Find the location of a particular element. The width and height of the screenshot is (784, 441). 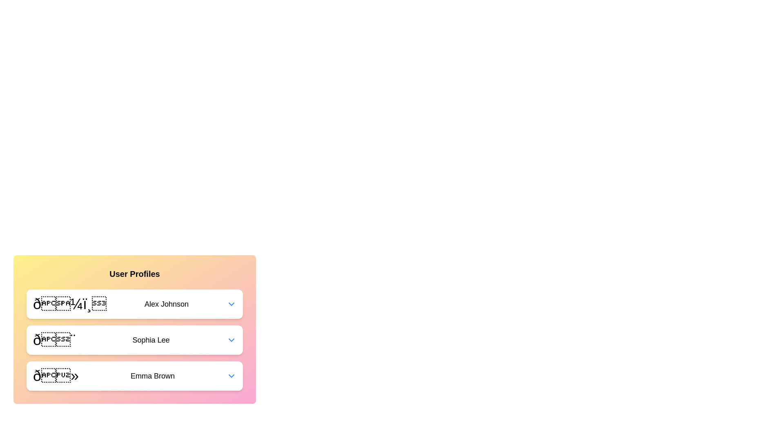

the avatar of Sophia Lee to interact with it is located at coordinates (54, 340).